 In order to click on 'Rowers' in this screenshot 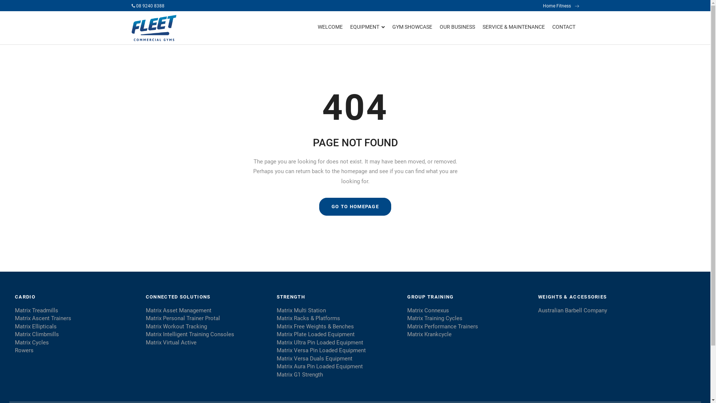, I will do `click(15, 350)`.